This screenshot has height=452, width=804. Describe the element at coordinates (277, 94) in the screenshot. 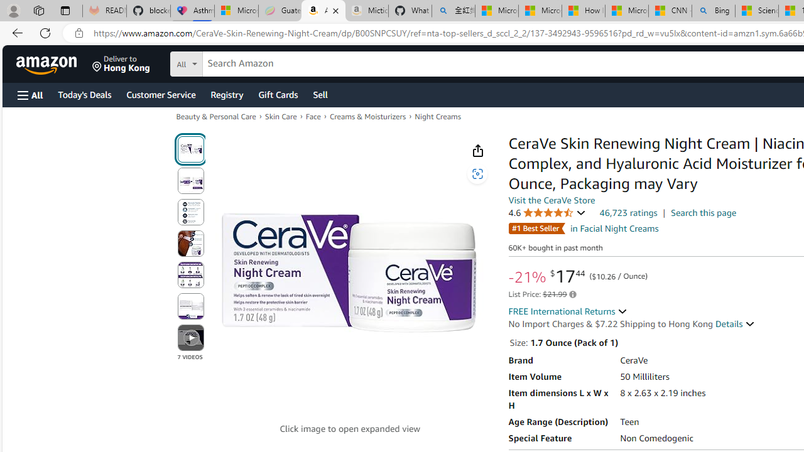

I see `'Gift Cards'` at that location.